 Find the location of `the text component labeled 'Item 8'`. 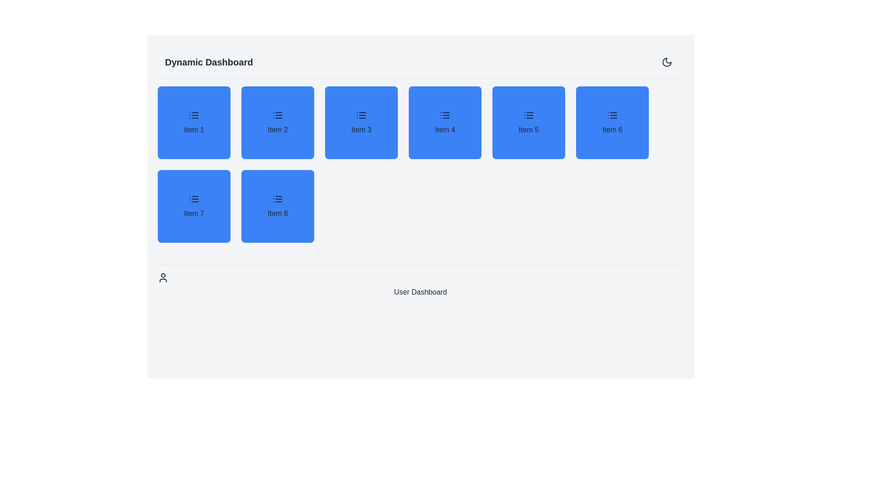

the text component labeled 'Item 8' is located at coordinates (277, 214).